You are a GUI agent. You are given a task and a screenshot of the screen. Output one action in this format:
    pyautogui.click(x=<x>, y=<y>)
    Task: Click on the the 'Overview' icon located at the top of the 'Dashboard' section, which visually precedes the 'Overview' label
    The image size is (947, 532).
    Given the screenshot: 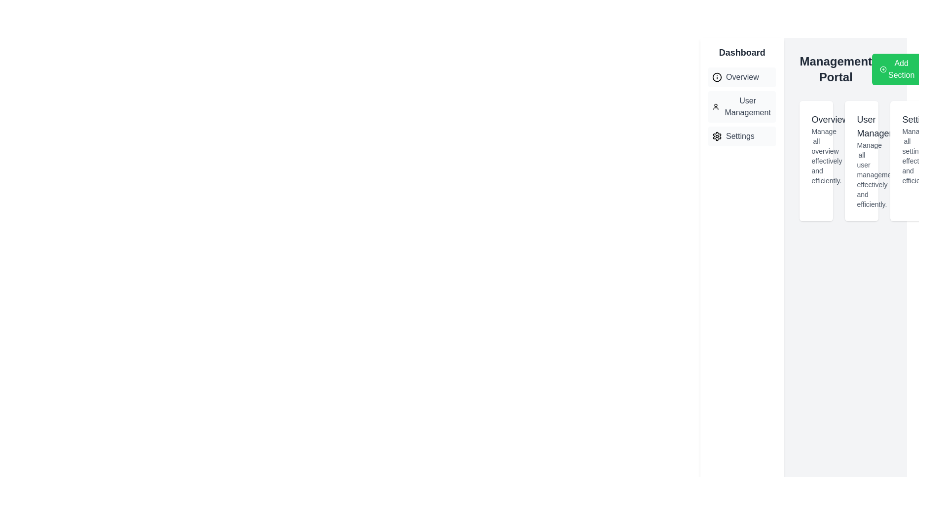 What is the action you would take?
    pyautogui.click(x=717, y=77)
    